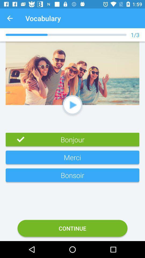  What do you see at coordinates (10, 18) in the screenshot?
I see `app next to vocabulary item` at bounding box center [10, 18].